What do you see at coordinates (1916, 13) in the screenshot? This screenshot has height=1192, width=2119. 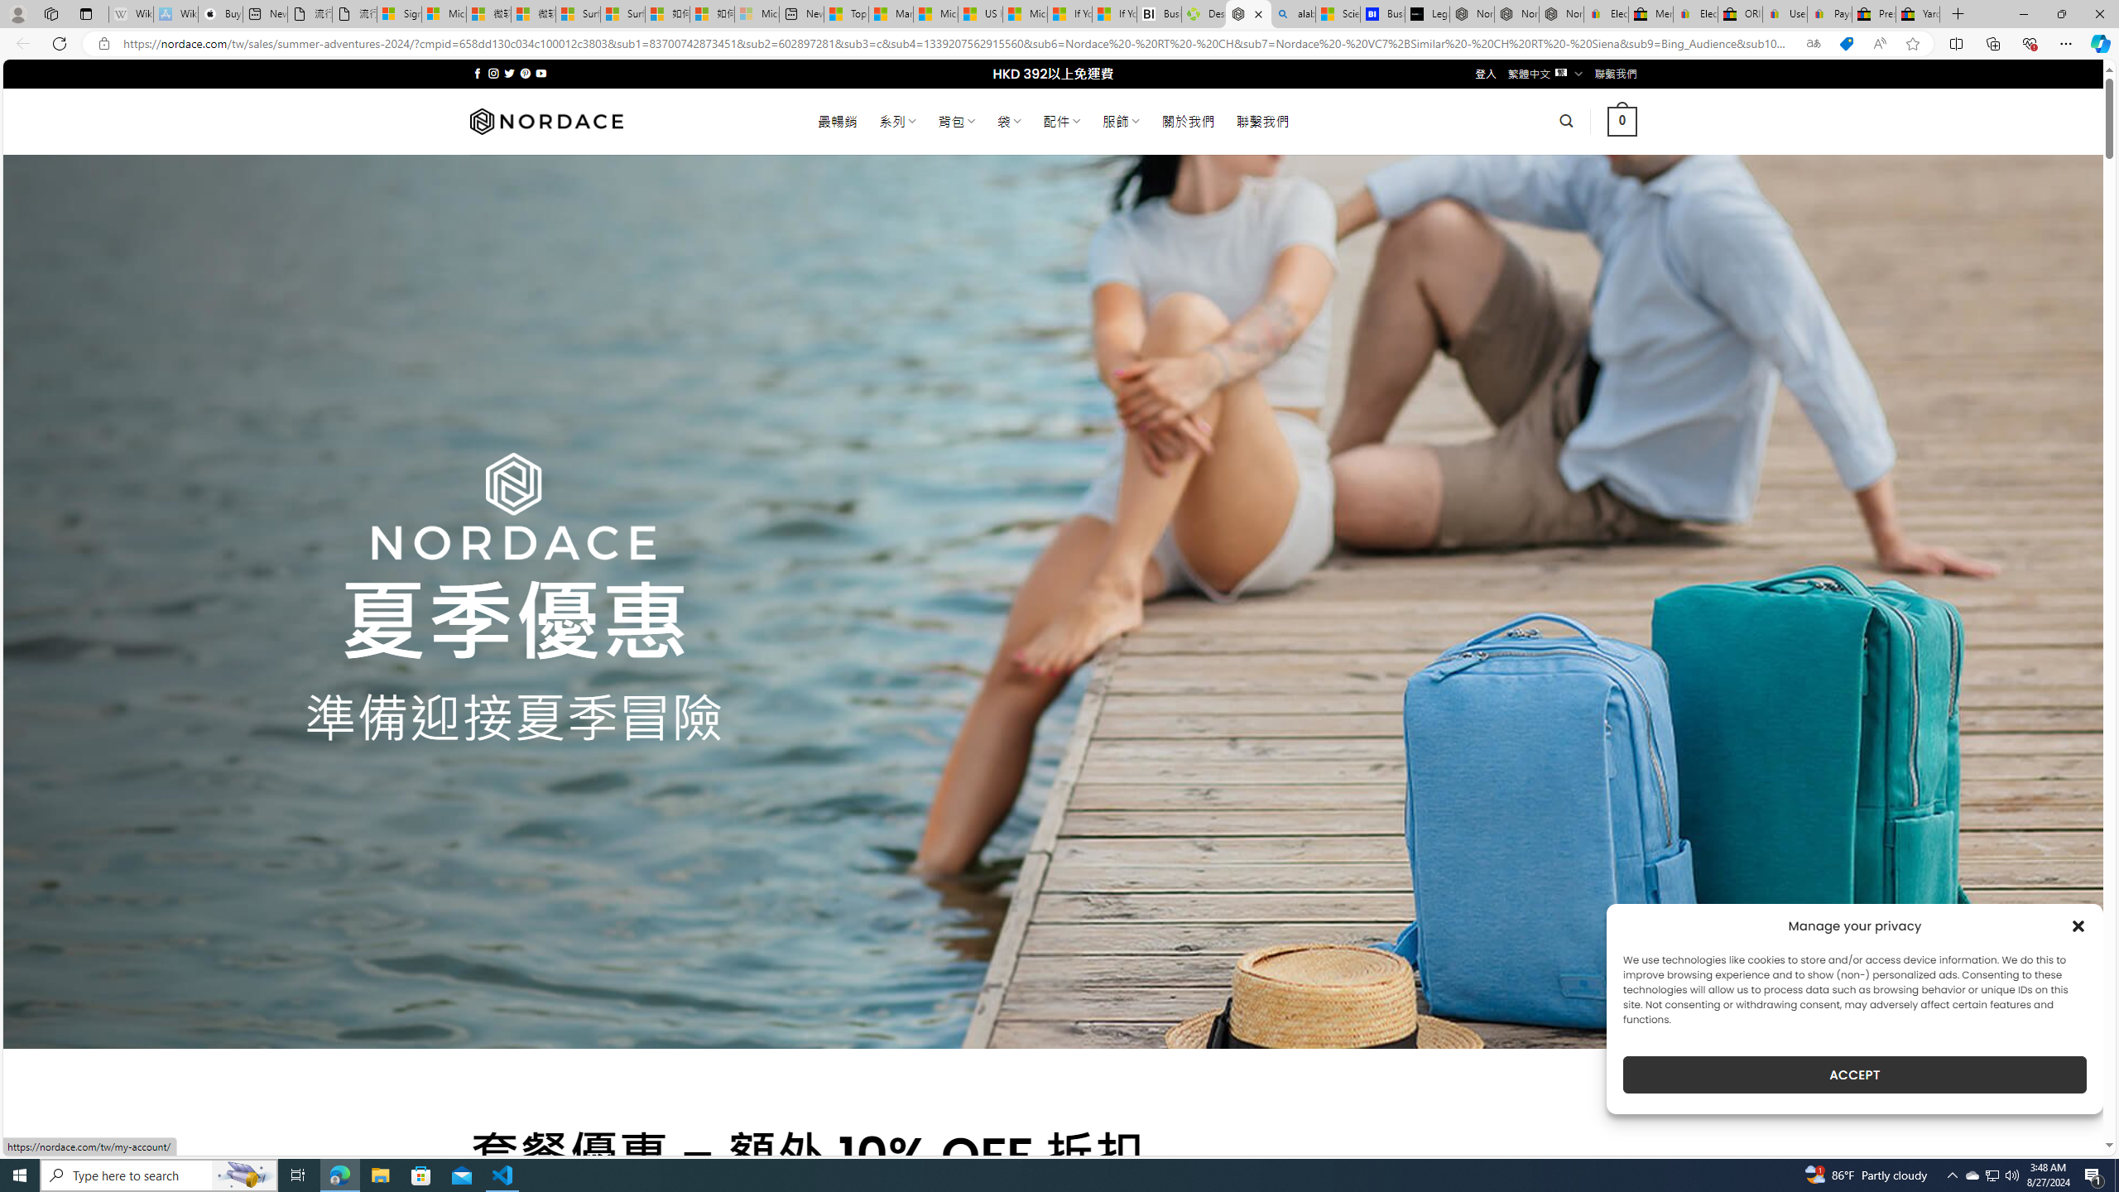 I see `'Yard, Garden & Outdoor Living'` at bounding box center [1916, 13].